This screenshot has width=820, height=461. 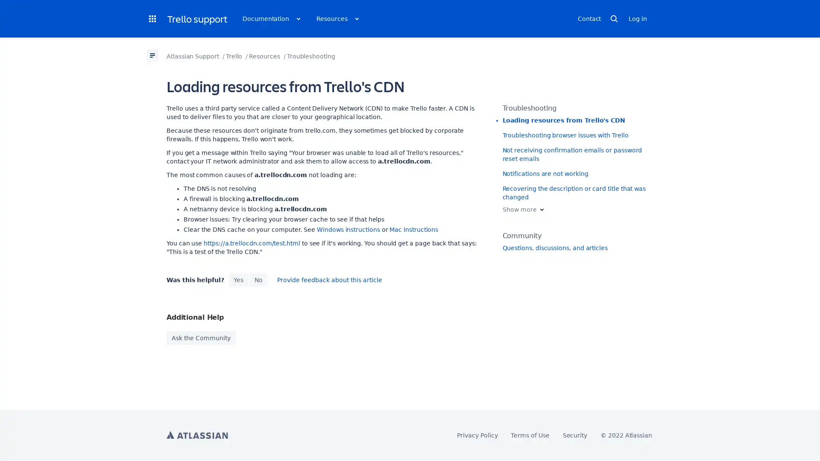 I want to click on Yes, so click(x=238, y=280).